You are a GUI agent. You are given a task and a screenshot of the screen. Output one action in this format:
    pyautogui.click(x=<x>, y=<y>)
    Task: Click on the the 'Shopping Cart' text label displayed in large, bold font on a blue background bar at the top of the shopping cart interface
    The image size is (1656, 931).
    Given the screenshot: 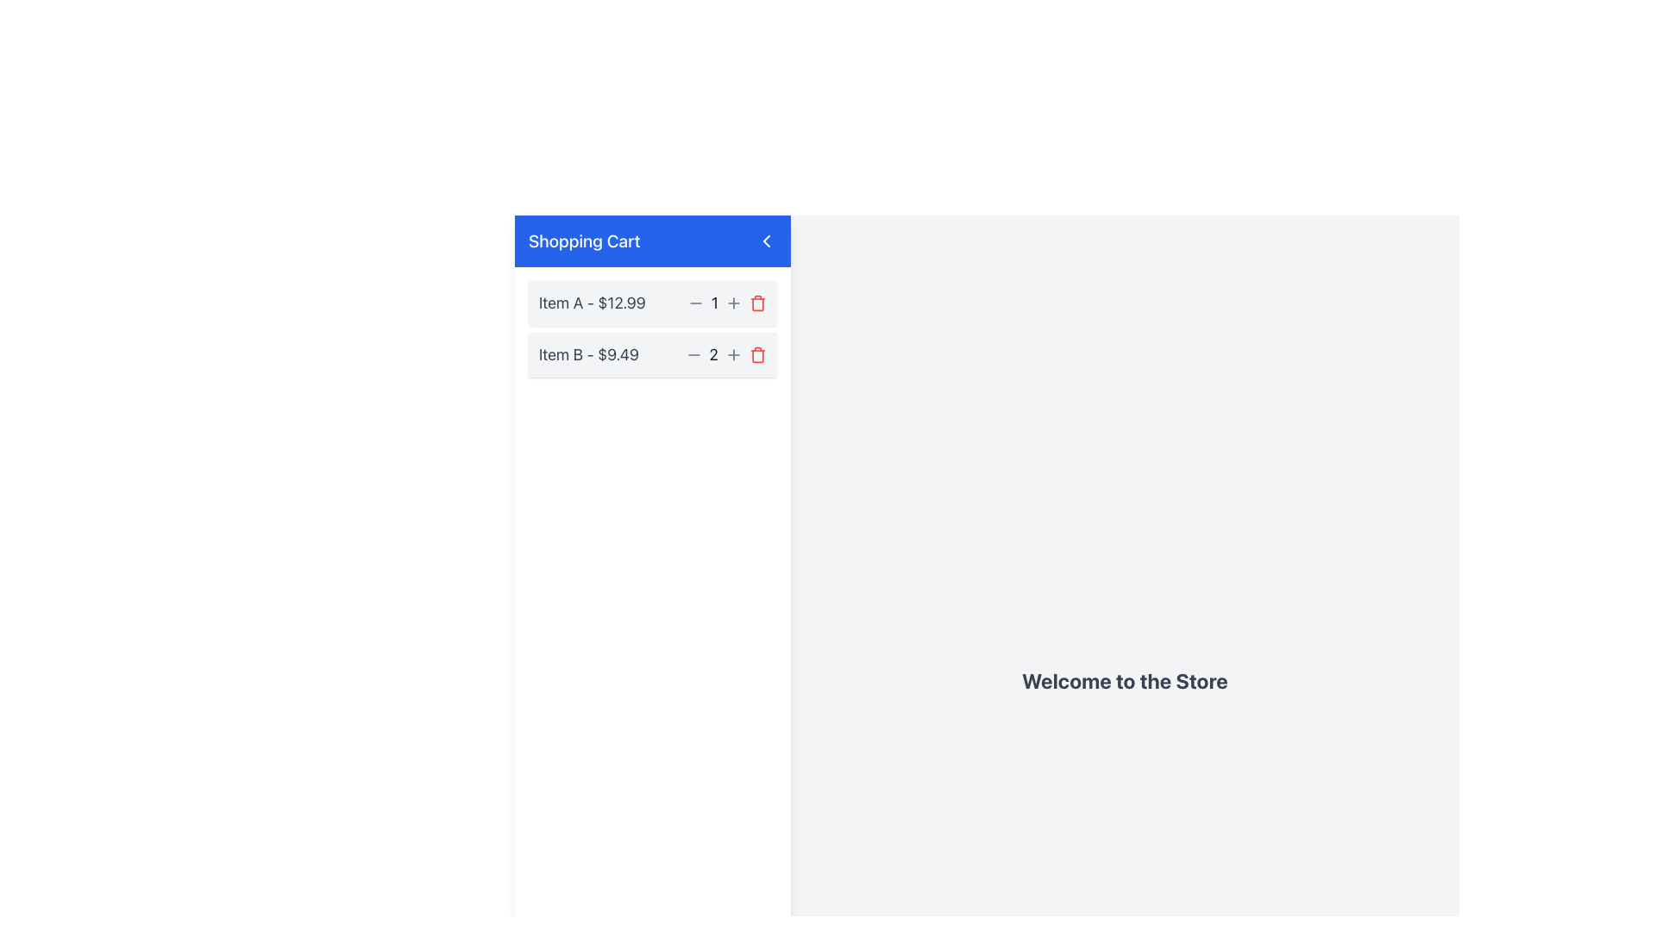 What is the action you would take?
    pyautogui.click(x=584, y=241)
    